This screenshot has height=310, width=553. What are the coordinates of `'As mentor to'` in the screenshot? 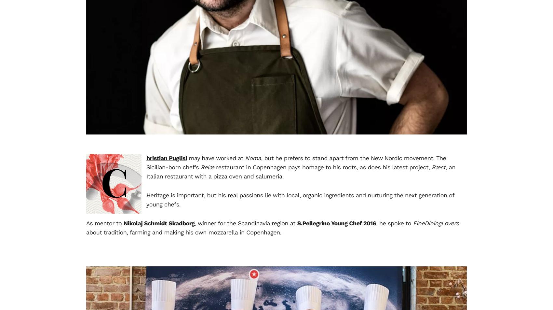 It's located at (86, 223).